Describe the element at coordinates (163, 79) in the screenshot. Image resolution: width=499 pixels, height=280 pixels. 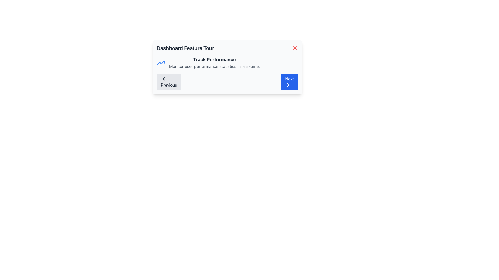
I see `the left-pointing chevron icon within the 'Previous' button` at that location.